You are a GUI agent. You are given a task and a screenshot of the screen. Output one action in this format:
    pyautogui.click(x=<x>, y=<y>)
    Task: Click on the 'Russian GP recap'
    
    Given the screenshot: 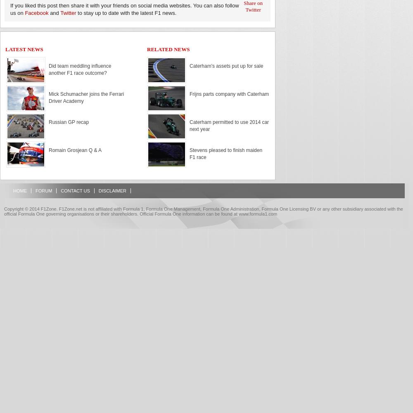 What is the action you would take?
    pyautogui.click(x=69, y=122)
    